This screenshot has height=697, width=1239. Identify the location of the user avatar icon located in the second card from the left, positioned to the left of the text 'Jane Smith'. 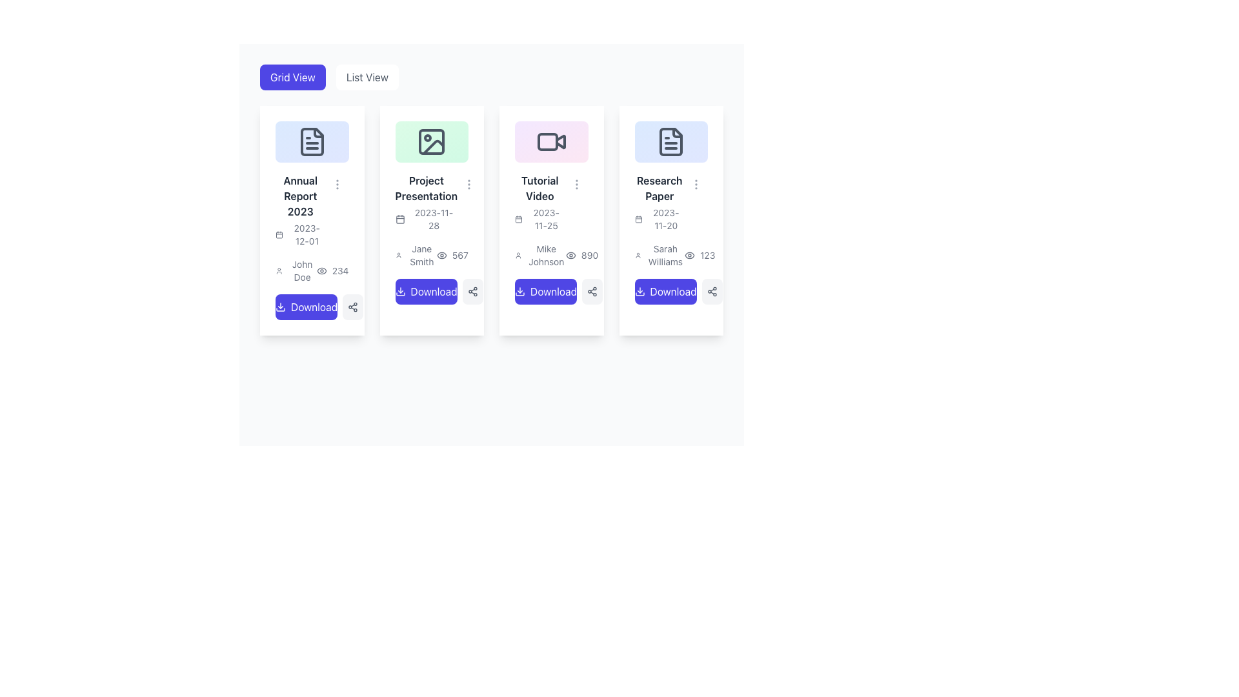
(398, 255).